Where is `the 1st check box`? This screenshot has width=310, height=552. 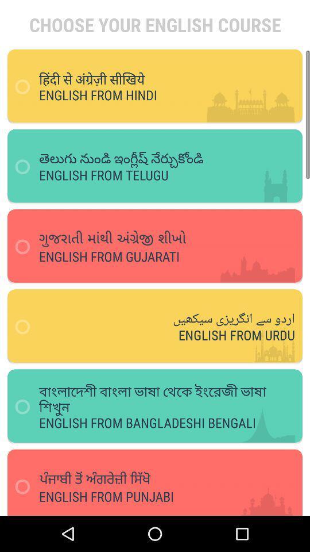
the 1st check box is located at coordinates (26, 86).